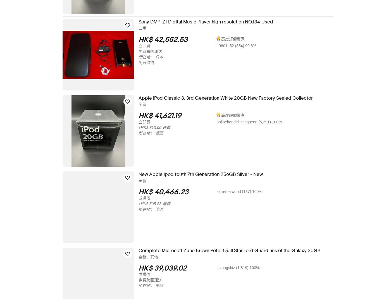 This screenshot has height=299, width=391. What do you see at coordinates (166, 40) in the screenshot?
I see `'HK$ 42,552.53'` at bounding box center [166, 40].